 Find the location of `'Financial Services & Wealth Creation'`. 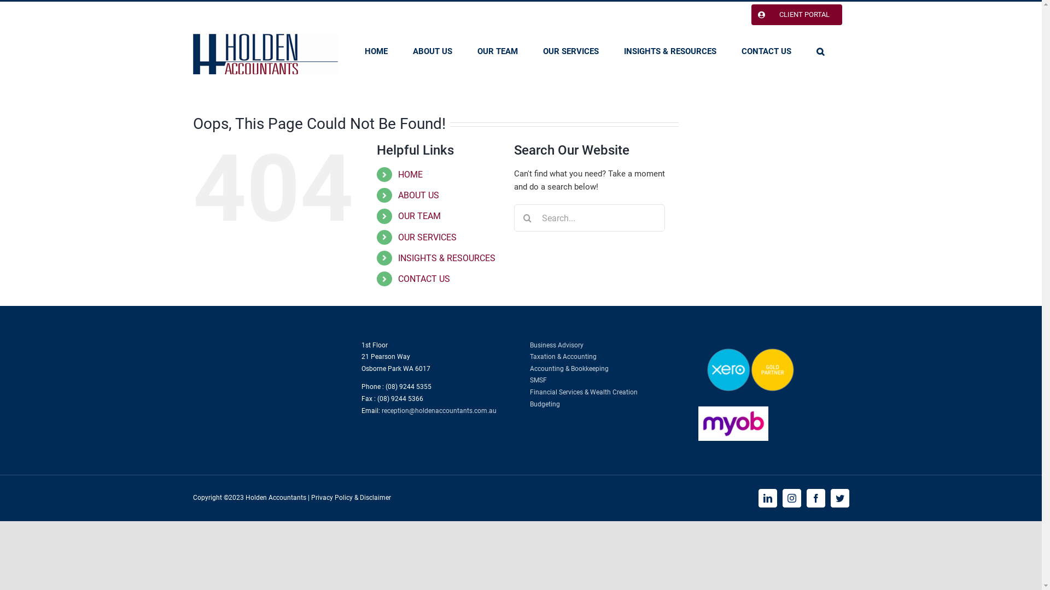

'Financial Services & Wealth Creation' is located at coordinates (582, 391).